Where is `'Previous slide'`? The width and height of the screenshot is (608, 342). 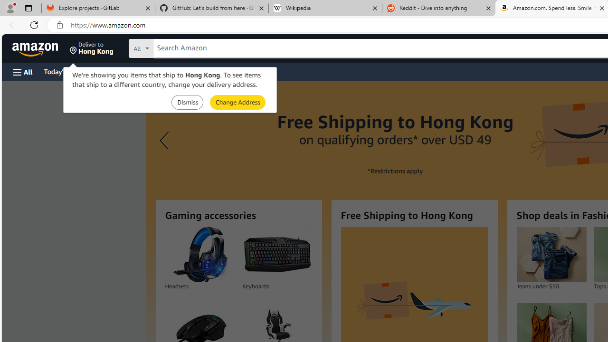 'Previous slide' is located at coordinates (166, 141).